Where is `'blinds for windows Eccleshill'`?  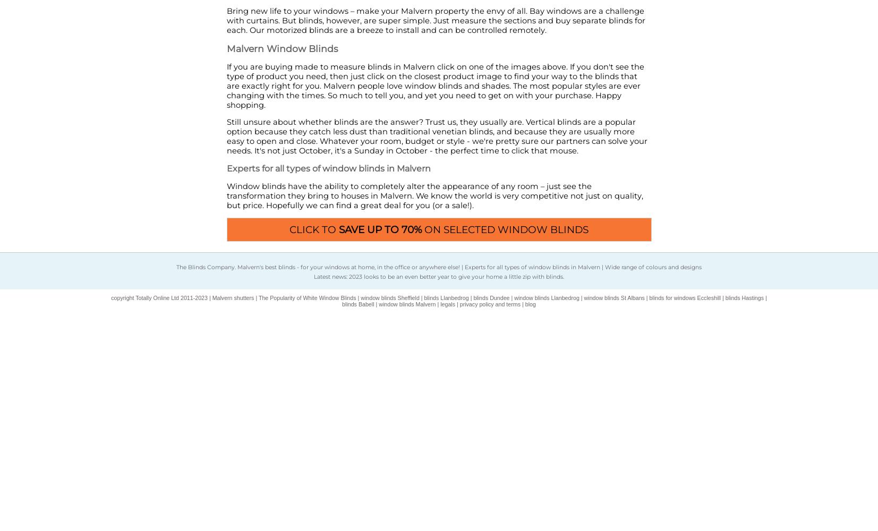
'blinds for windows Eccleshill' is located at coordinates (685, 298).